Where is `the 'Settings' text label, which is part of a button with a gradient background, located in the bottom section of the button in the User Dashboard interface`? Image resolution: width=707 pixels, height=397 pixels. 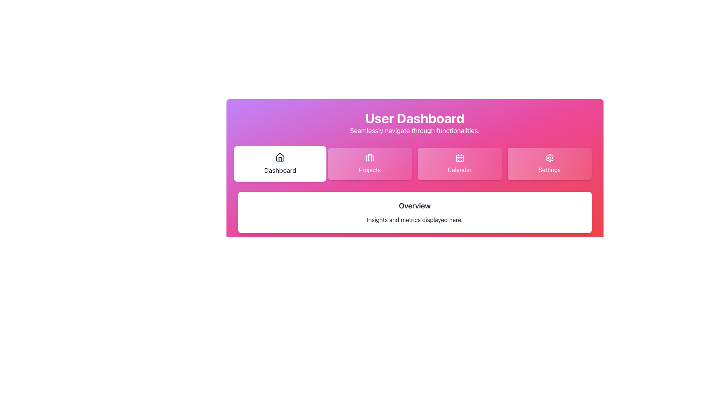 the 'Settings' text label, which is part of a button with a gradient background, located in the bottom section of the button in the User Dashboard interface is located at coordinates (549, 170).